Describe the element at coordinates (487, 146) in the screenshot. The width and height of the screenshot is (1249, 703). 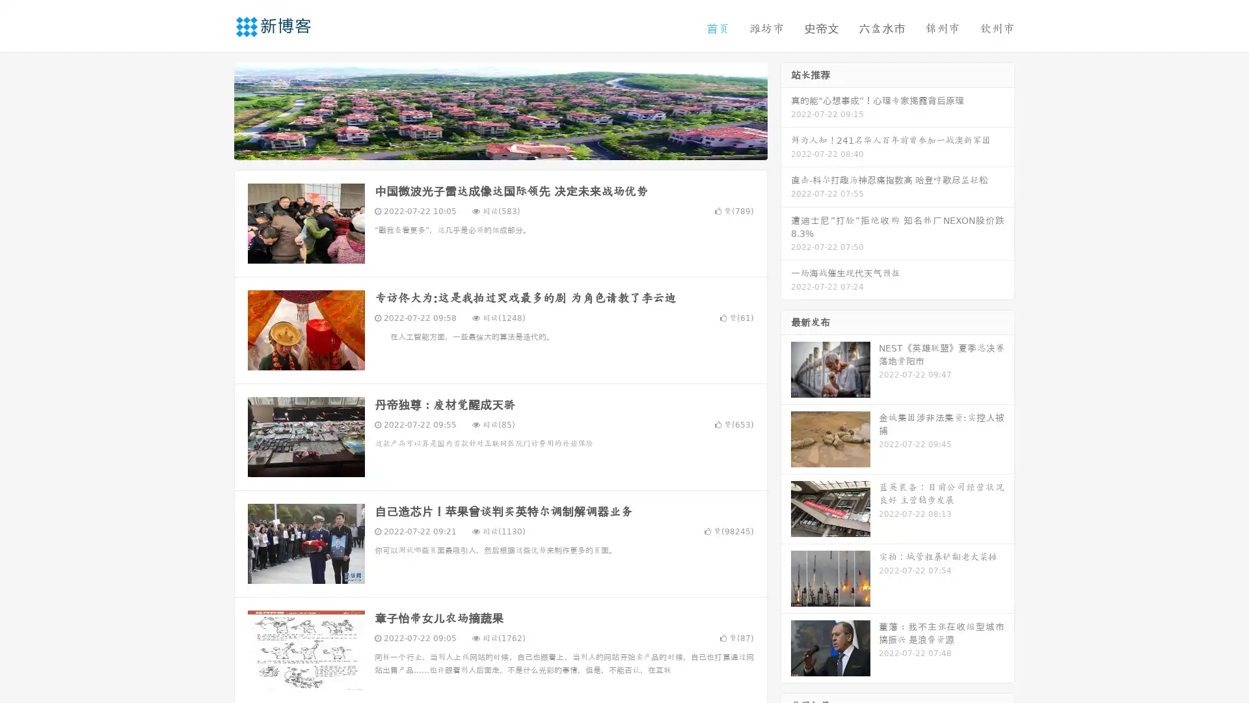
I see `Go to slide 1` at that location.